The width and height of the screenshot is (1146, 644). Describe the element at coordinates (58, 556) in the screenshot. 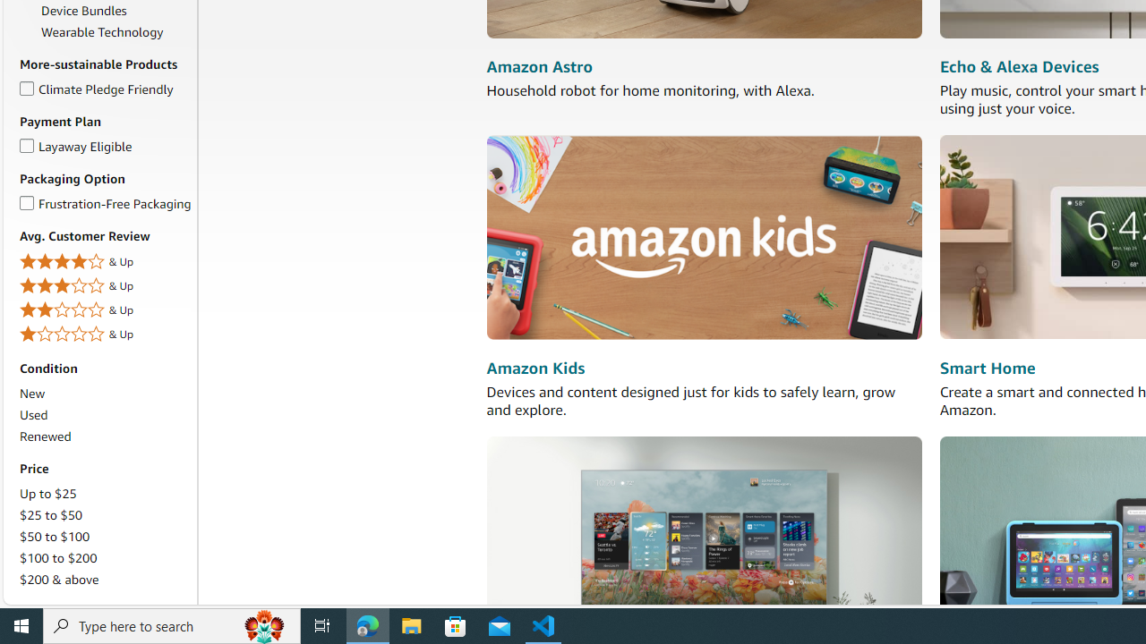

I see `'$100 to $200'` at that location.